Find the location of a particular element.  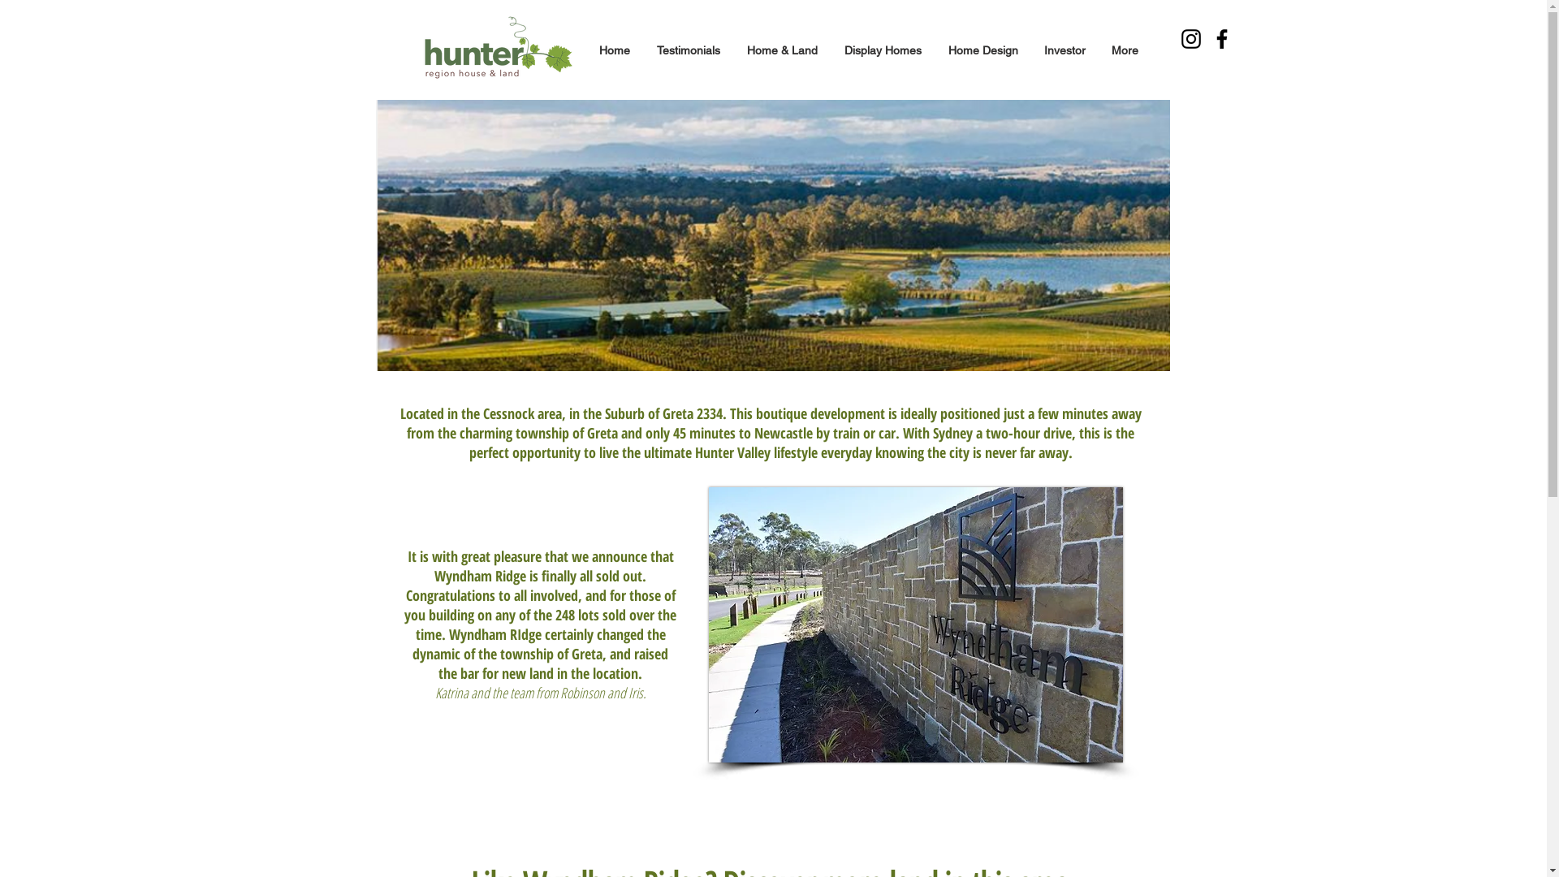

'Display Homes' is located at coordinates (883, 49).